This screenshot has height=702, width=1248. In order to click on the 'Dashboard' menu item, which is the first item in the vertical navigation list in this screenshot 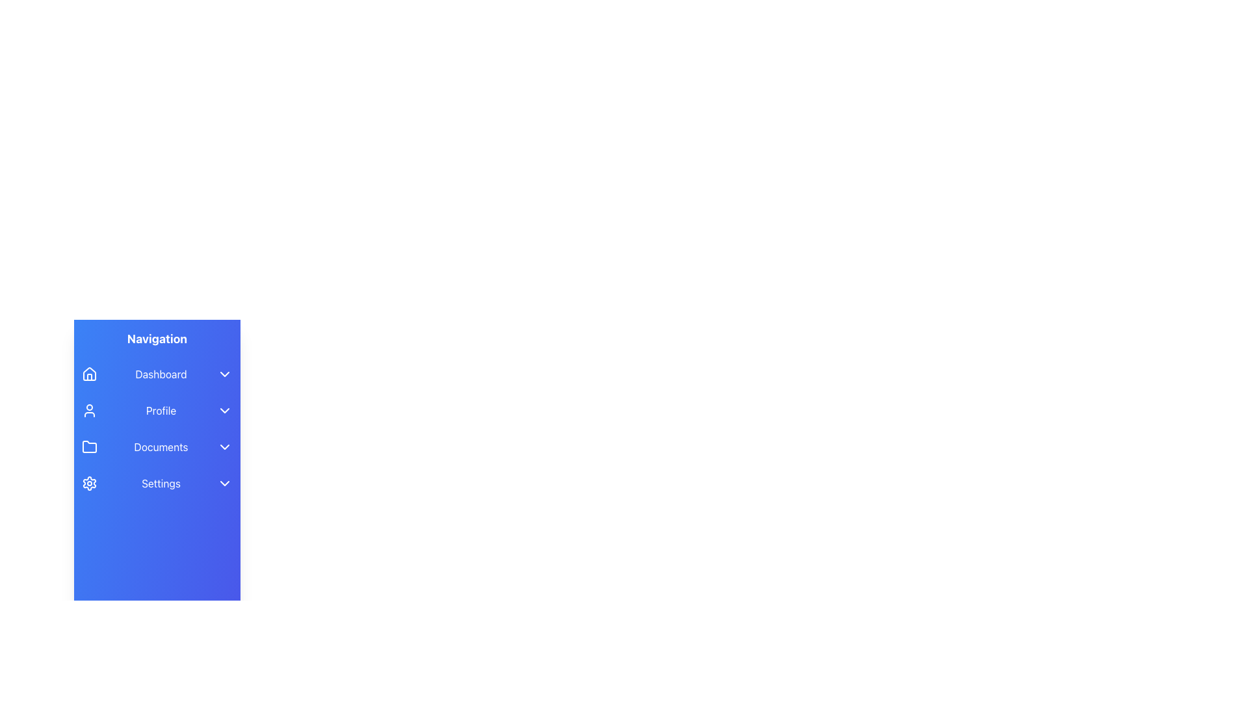, I will do `click(156, 374)`.